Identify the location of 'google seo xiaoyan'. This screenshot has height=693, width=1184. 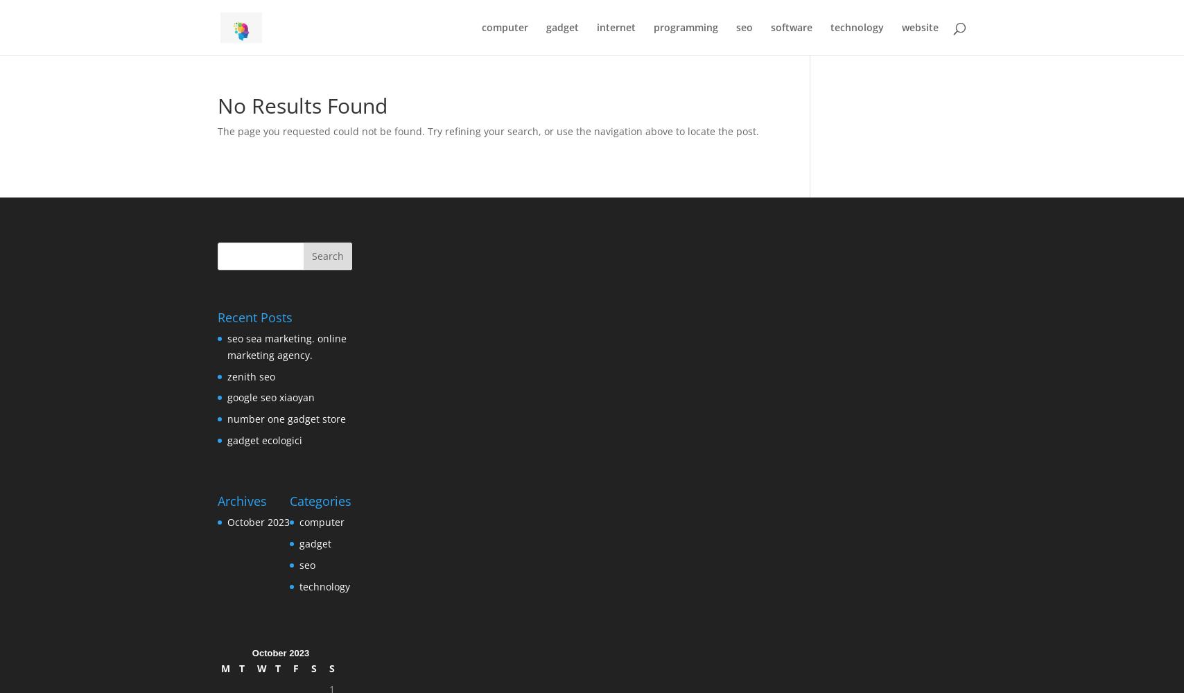
(227, 396).